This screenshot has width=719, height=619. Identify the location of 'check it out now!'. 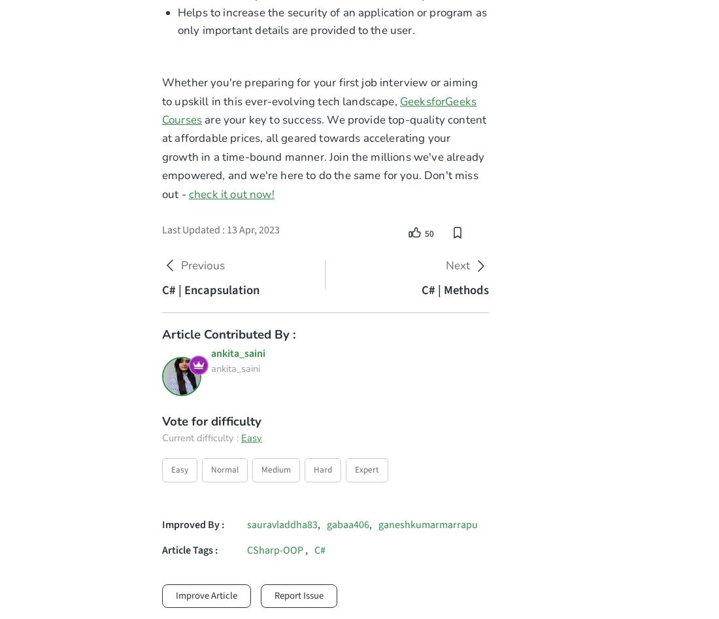
(231, 193).